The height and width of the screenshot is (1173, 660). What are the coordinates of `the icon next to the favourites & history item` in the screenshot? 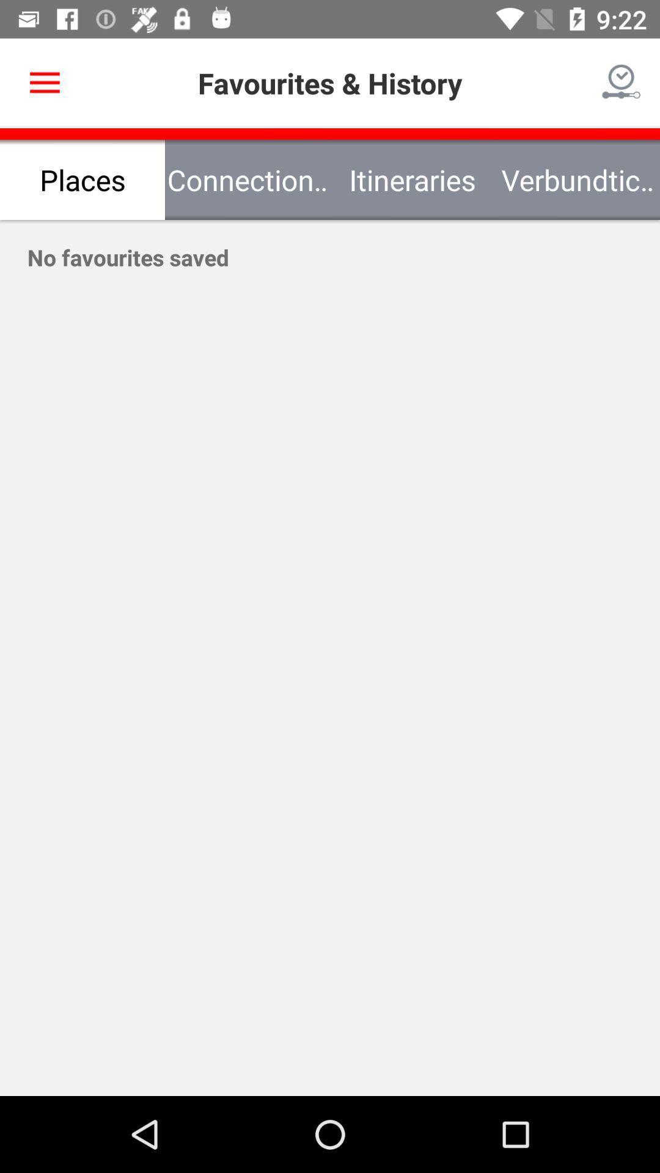 It's located at (621, 82).